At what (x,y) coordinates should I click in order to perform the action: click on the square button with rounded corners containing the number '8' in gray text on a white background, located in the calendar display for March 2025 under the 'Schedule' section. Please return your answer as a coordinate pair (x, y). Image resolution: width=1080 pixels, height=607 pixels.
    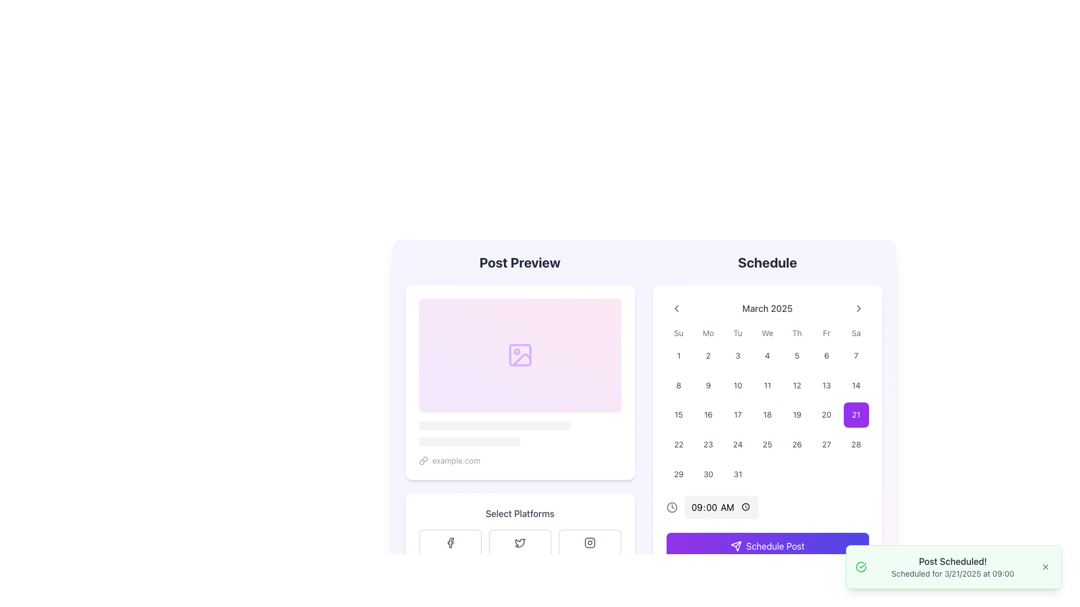
    Looking at the image, I should click on (678, 384).